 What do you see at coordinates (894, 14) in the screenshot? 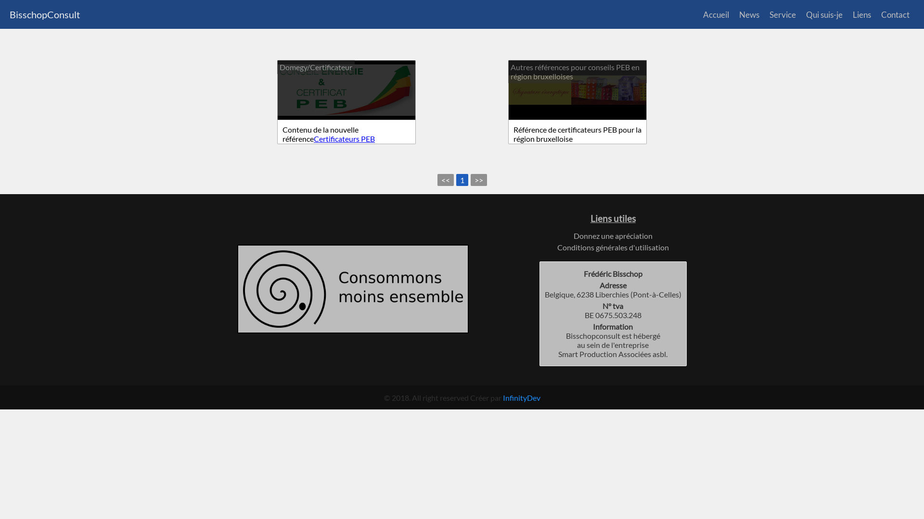
I see `'Contact'` at bounding box center [894, 14].